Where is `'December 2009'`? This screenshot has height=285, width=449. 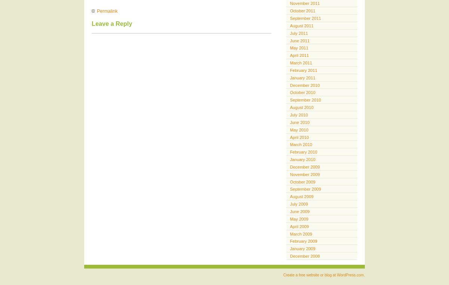
'December 2009' is located at coordinates (304, 167).